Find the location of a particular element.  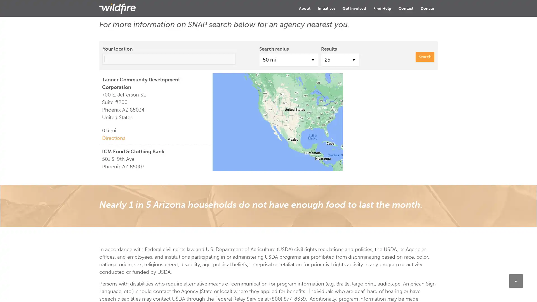

Neighborhood Outreach Access to Health: Balsz Educare Arizona Center for Health (BEACH Health Center) is located at coordinates (341, 115).